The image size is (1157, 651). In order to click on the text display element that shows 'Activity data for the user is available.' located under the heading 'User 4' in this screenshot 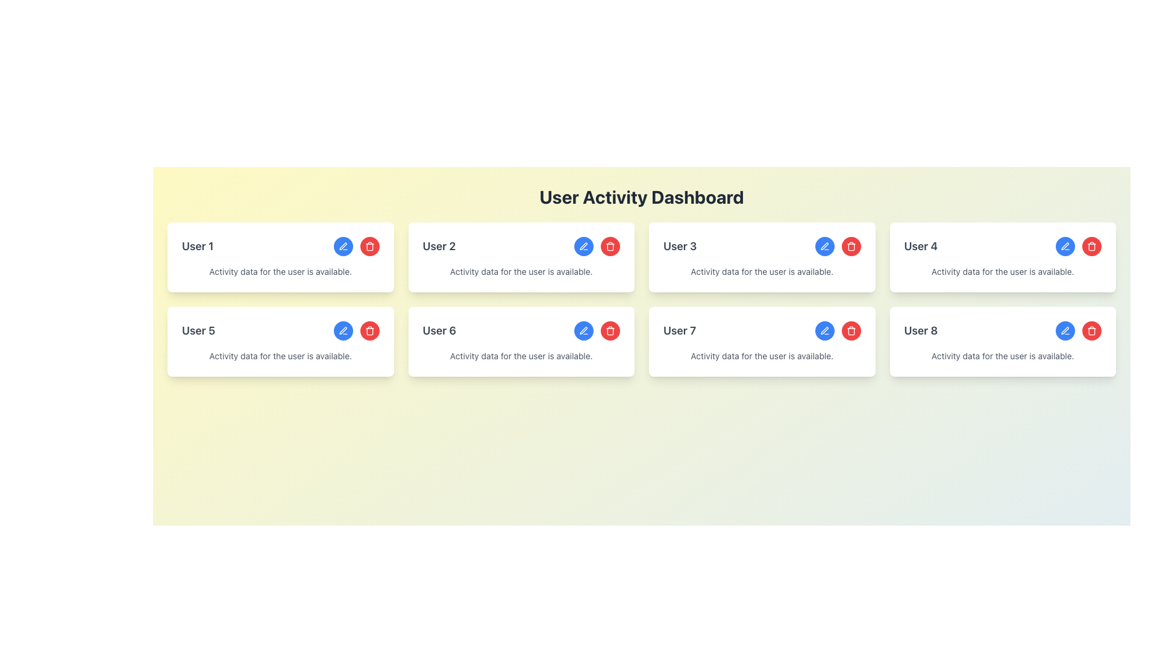, I will do `click(1003, 272)`.